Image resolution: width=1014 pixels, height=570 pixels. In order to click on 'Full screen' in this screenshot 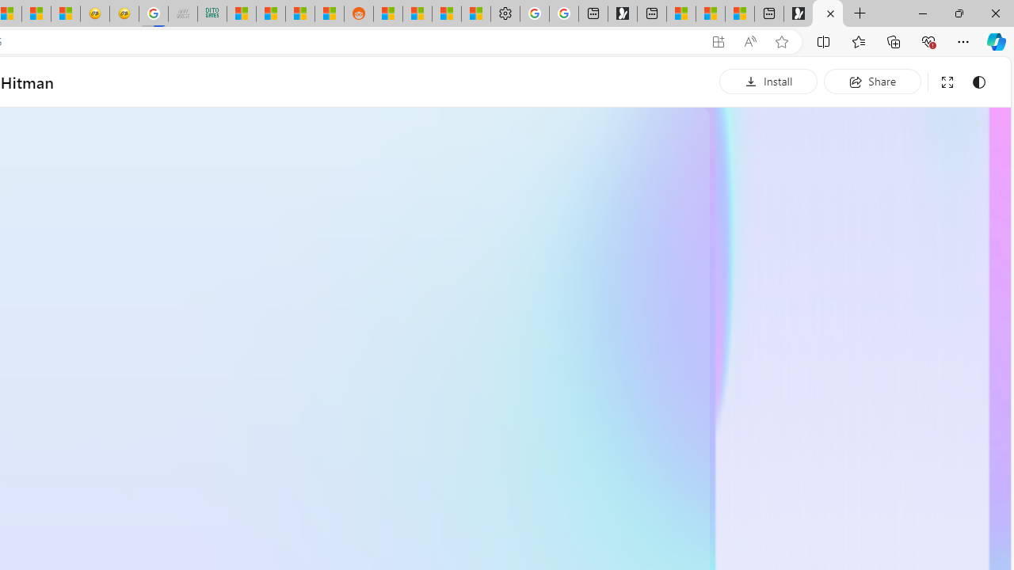, I will do `click(947, 82)`.